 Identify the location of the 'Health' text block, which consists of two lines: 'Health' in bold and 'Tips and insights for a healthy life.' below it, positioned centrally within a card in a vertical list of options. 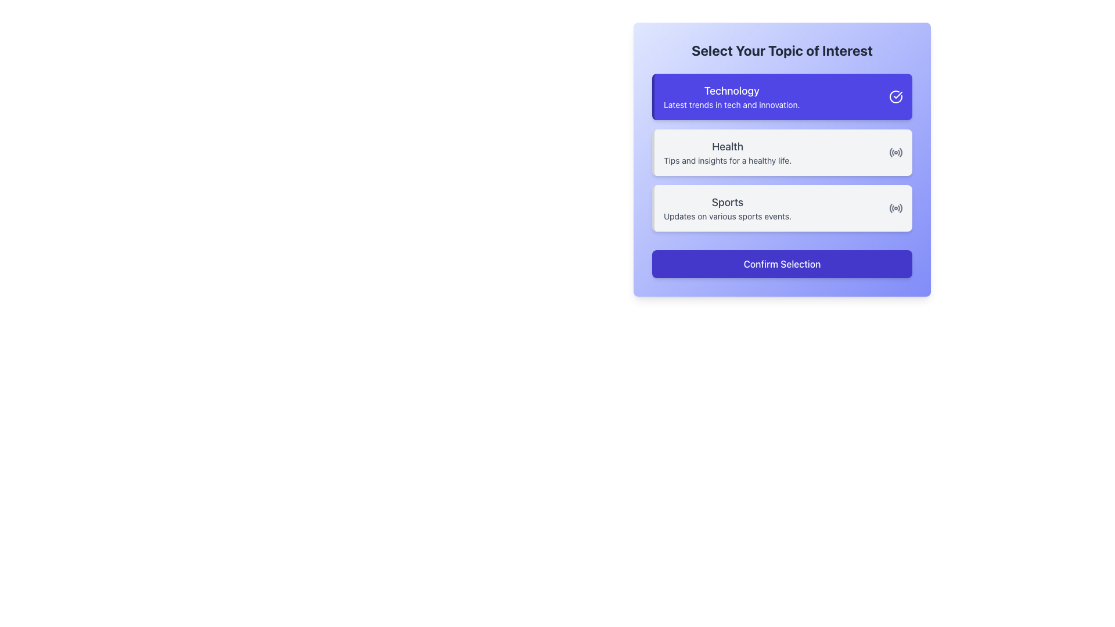
(727, 152).